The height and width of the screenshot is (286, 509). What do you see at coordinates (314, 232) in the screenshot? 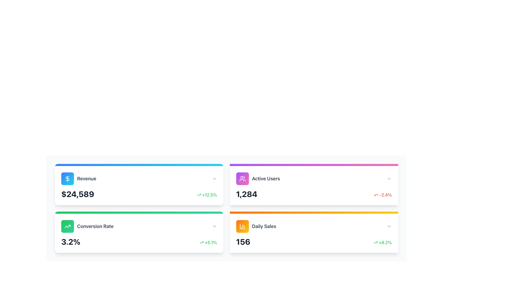
I see `the sales and percentage change displayed on the informational summary card, which is the second card in the bottom row of the grid layout` at bounding box center [314, 232].